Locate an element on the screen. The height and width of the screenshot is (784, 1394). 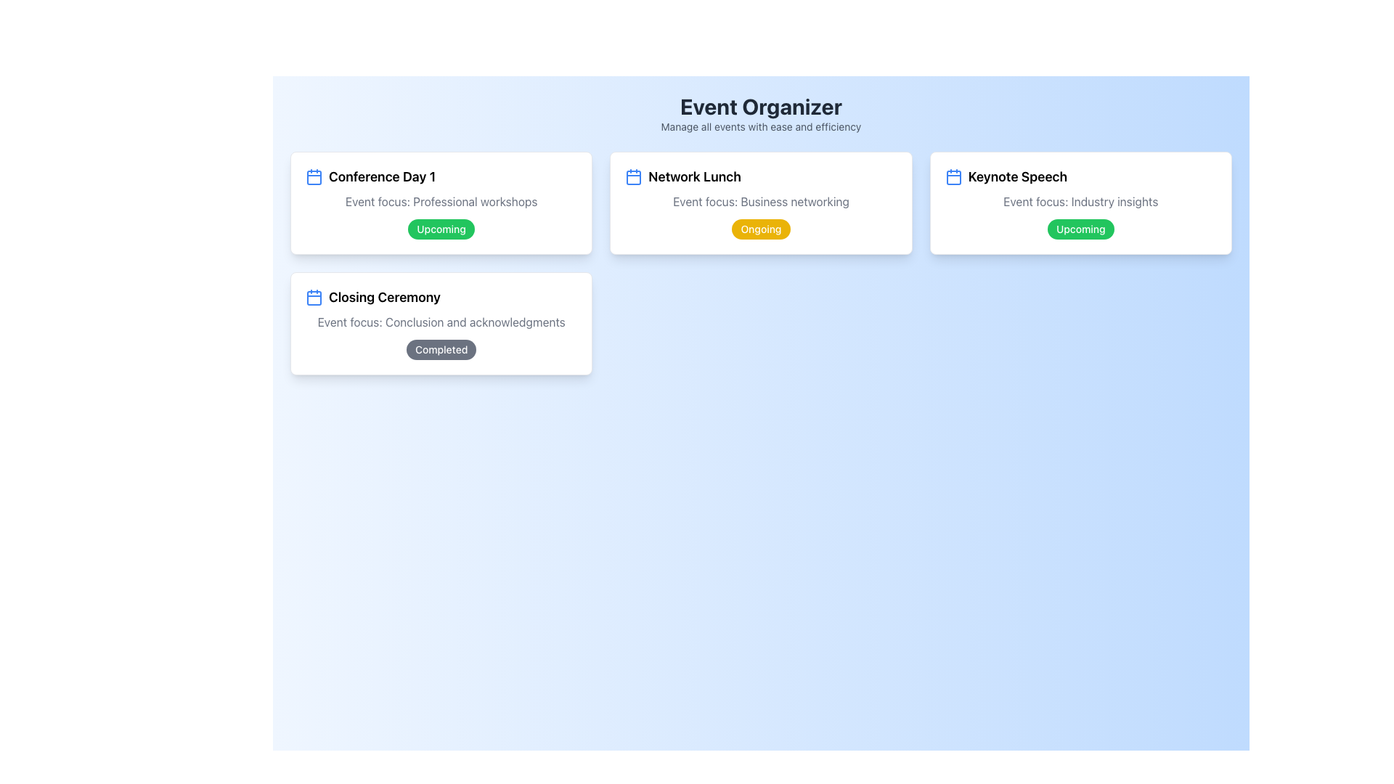
the status badge indicating an upcoming event located at the bottom-right corner of the 'Conference Day 1' card, below the text 'Event focus: Professional workshops' is located at coordinates (441, 229).